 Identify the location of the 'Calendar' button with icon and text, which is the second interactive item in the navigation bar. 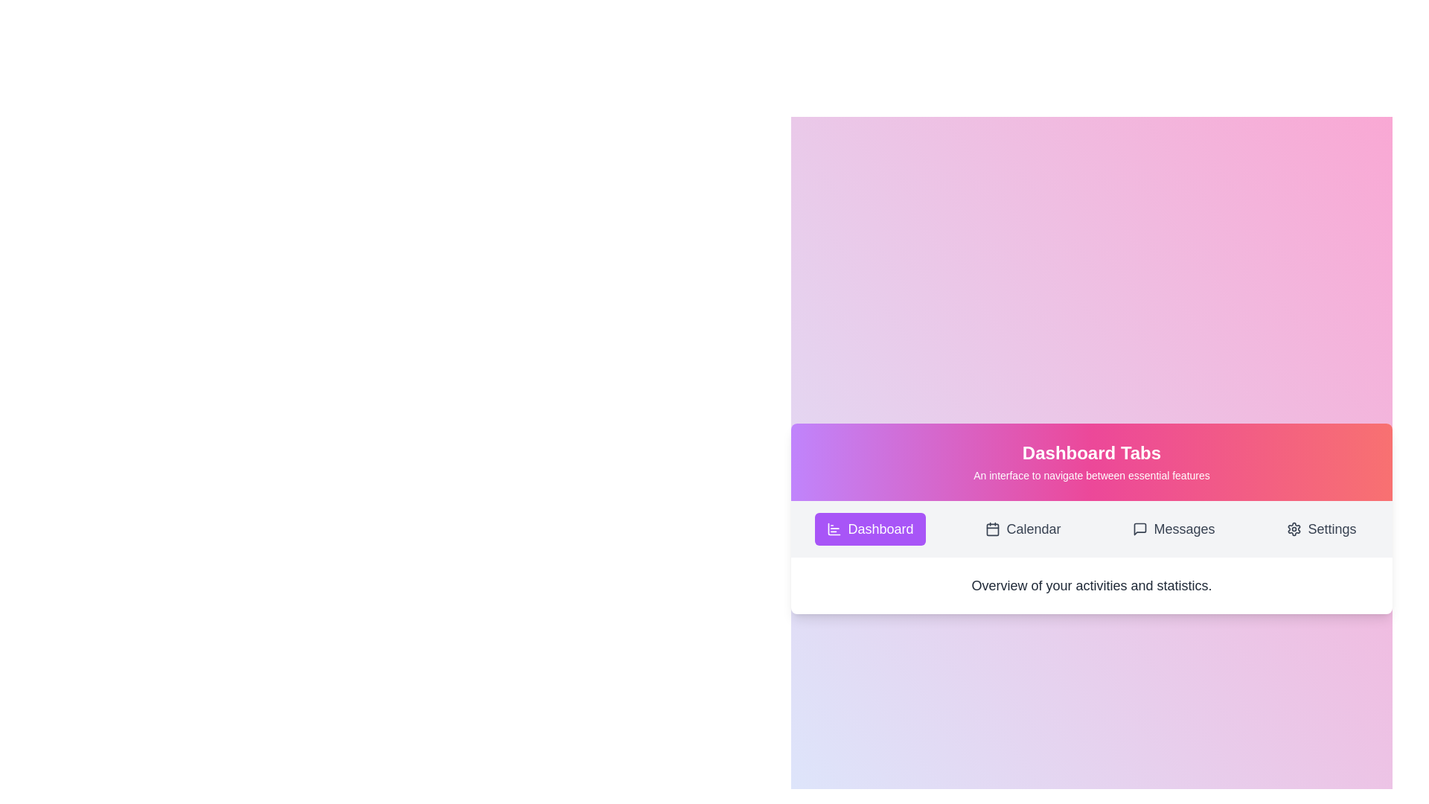
(1022, 528).